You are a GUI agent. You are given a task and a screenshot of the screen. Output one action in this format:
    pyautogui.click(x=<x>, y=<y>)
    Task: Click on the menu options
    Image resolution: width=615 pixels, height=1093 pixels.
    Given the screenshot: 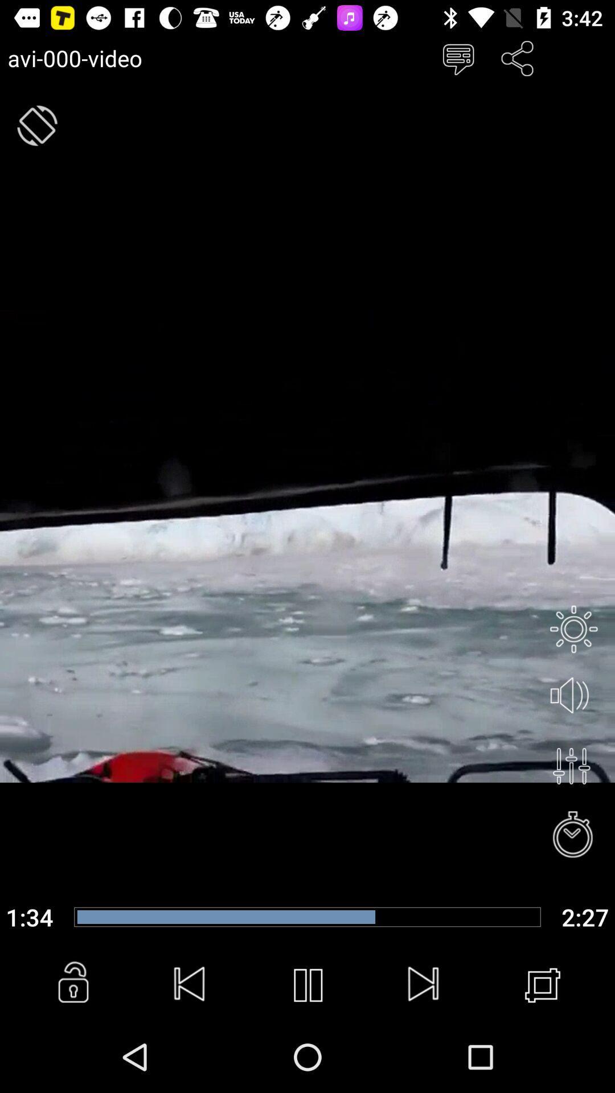 What is the action you would take?
    pyautogui.click(x=457, y=57)
    